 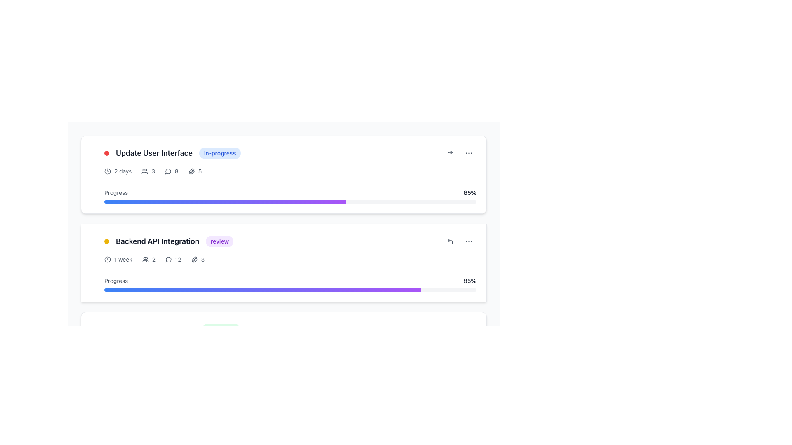 What do you see at coordinates (123, 171) in the screenshot?
I see `the text label that provides information about the time associated with the task, located under the task title 'Update User Interface' and following a clock icon in the upper task card` at bounding box center [123, 171].